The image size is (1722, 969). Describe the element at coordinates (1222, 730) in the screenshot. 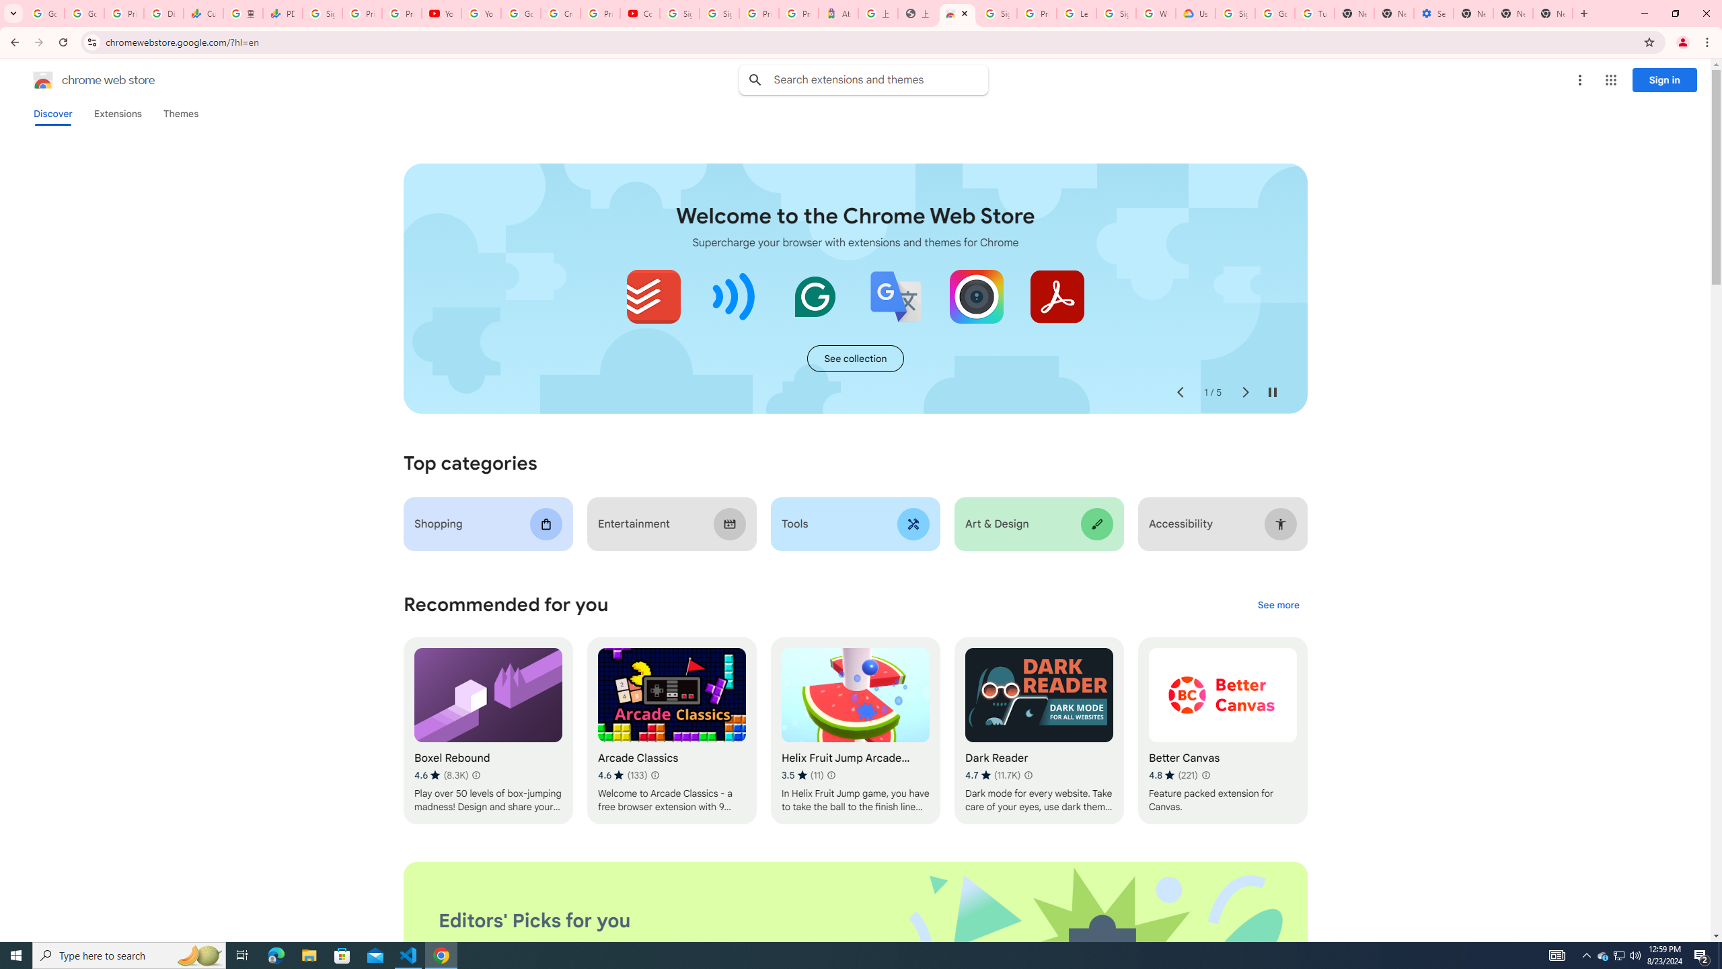

I see `'Better Canvas'` at that location.